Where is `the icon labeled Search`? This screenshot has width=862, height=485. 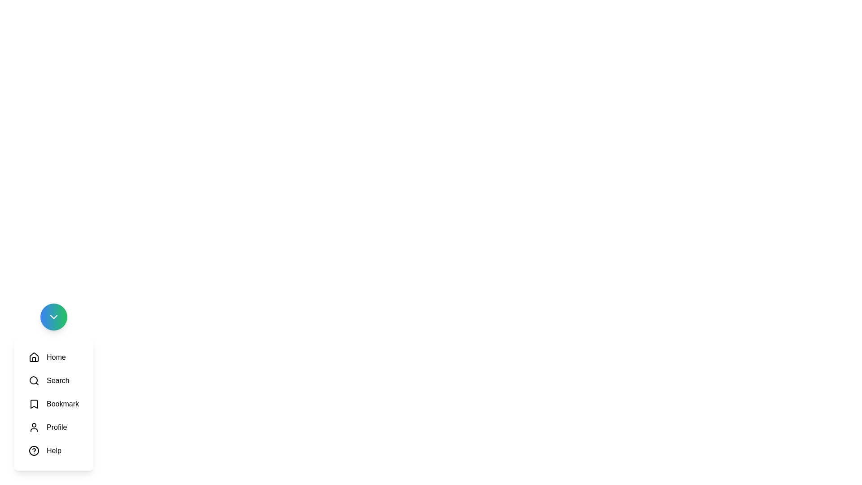
the icon labeled Search is located at coordinates (48, 381).